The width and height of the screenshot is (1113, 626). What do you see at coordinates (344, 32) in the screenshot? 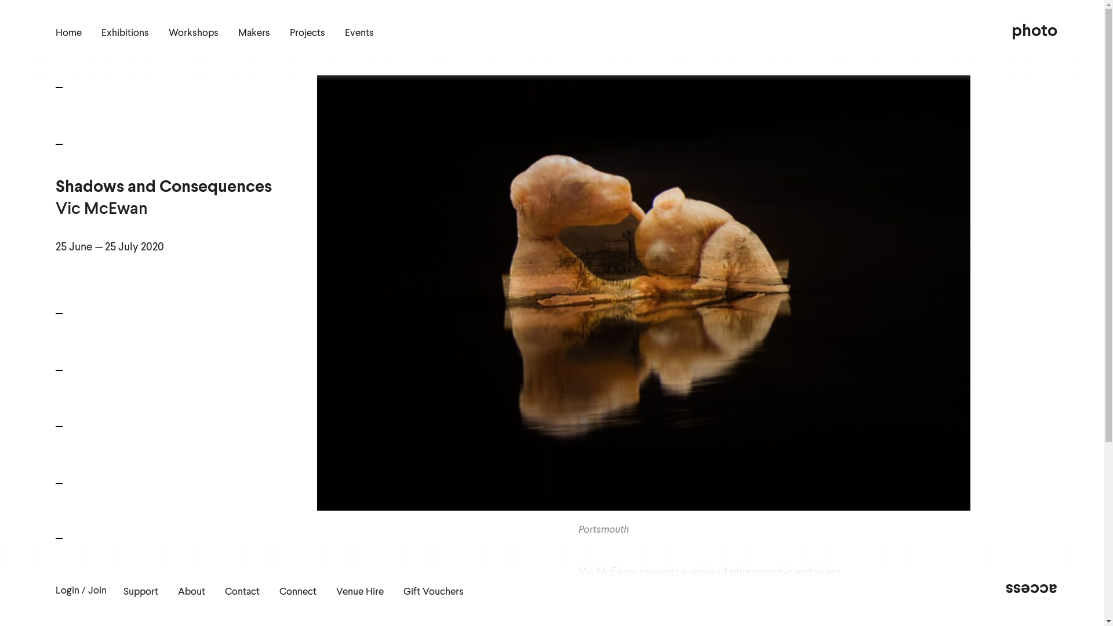
I see `'Events'` at bounding box center [344, 32].